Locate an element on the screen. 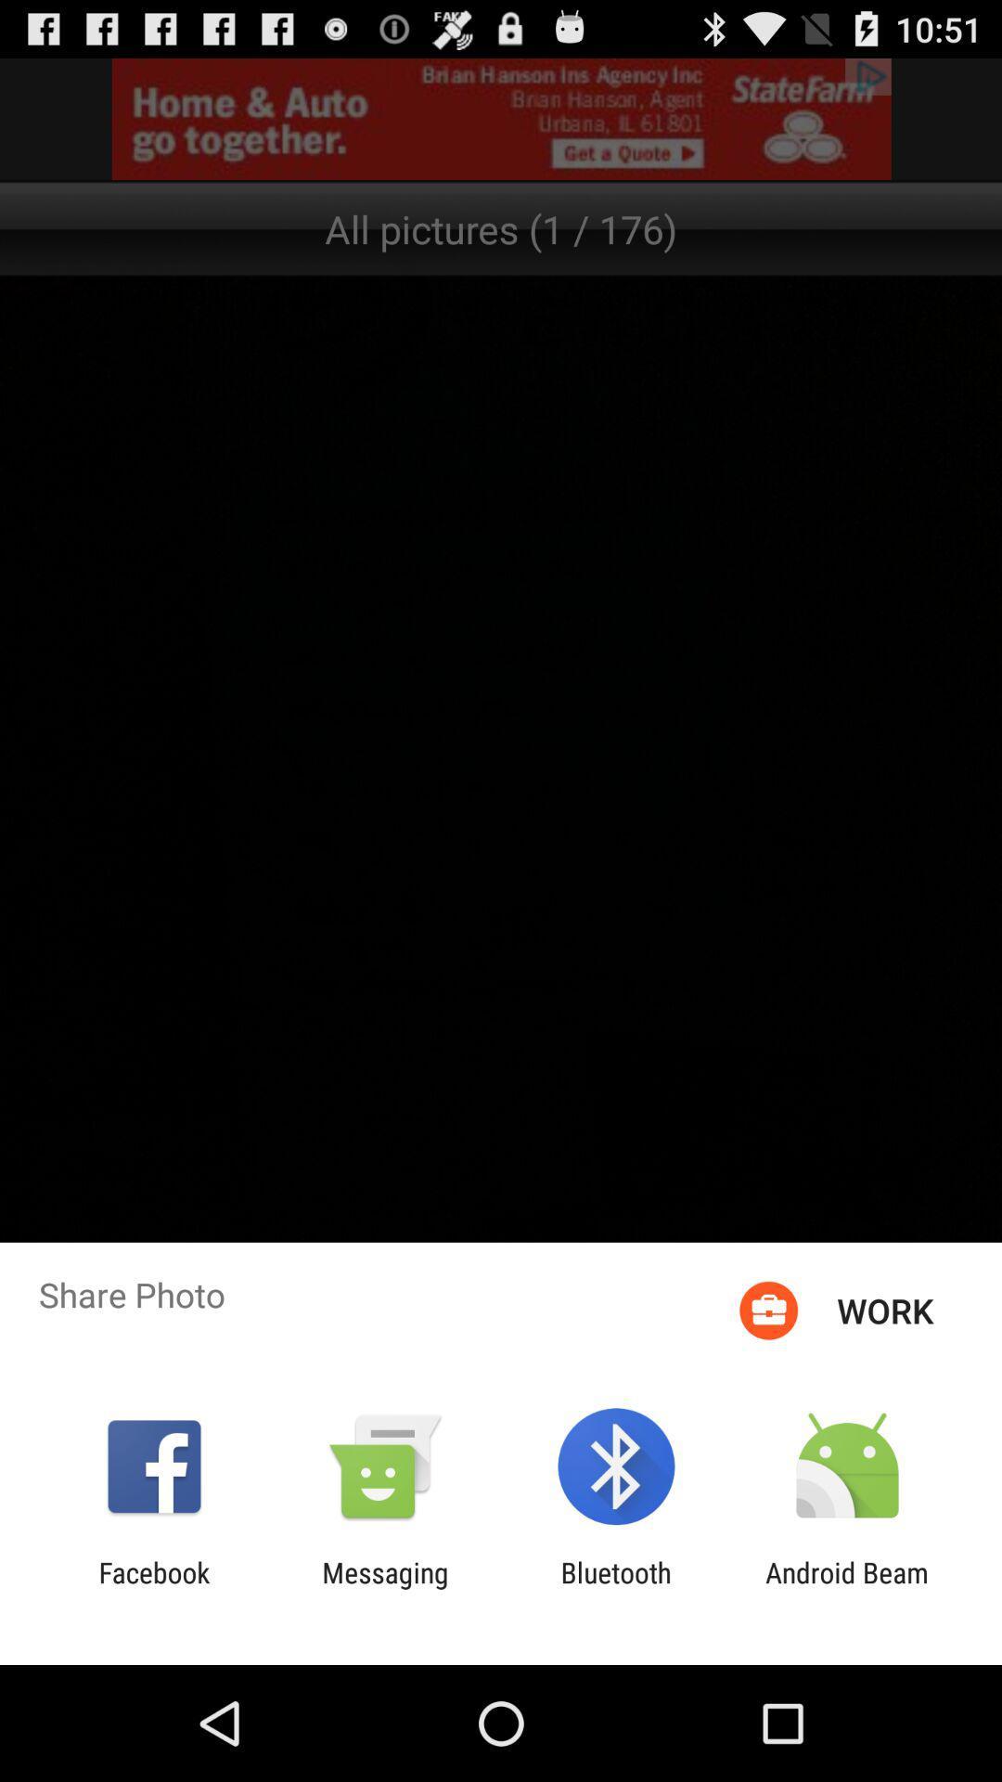 This screenshot has height=1782, width=1002. the icon next to bluetooth is located at coordinates (384, 1588).